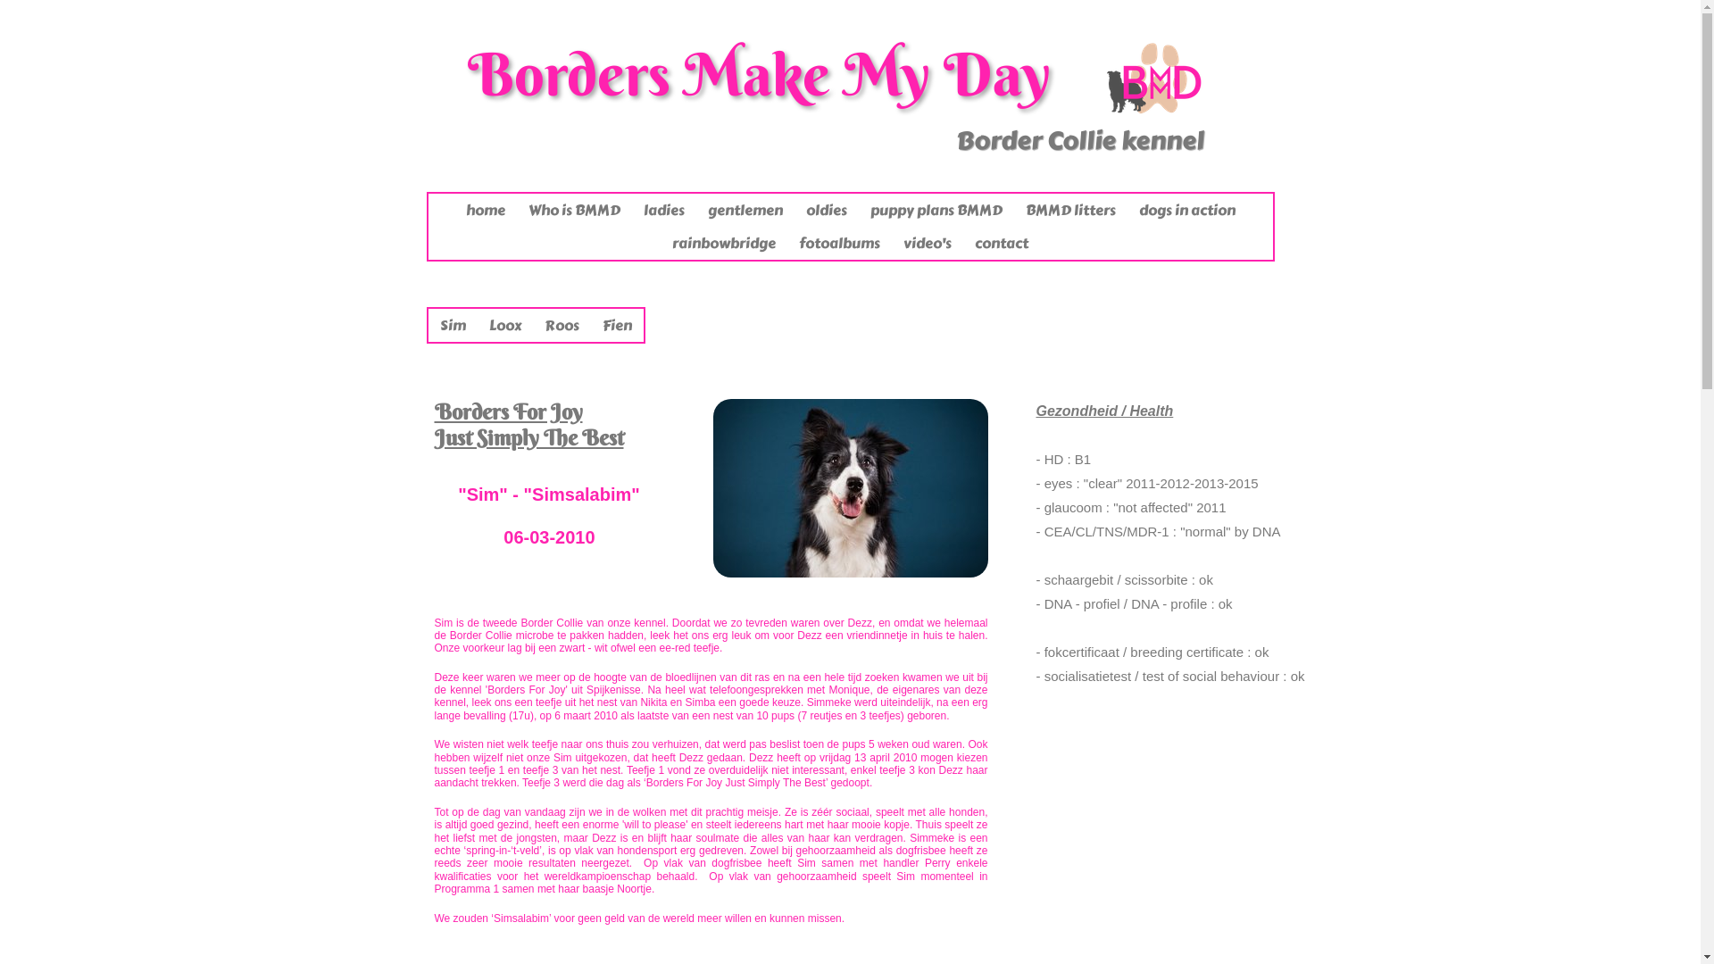 This screenshot has height=964, width=1714. I want to click on 'Loox', so click(503, 325).